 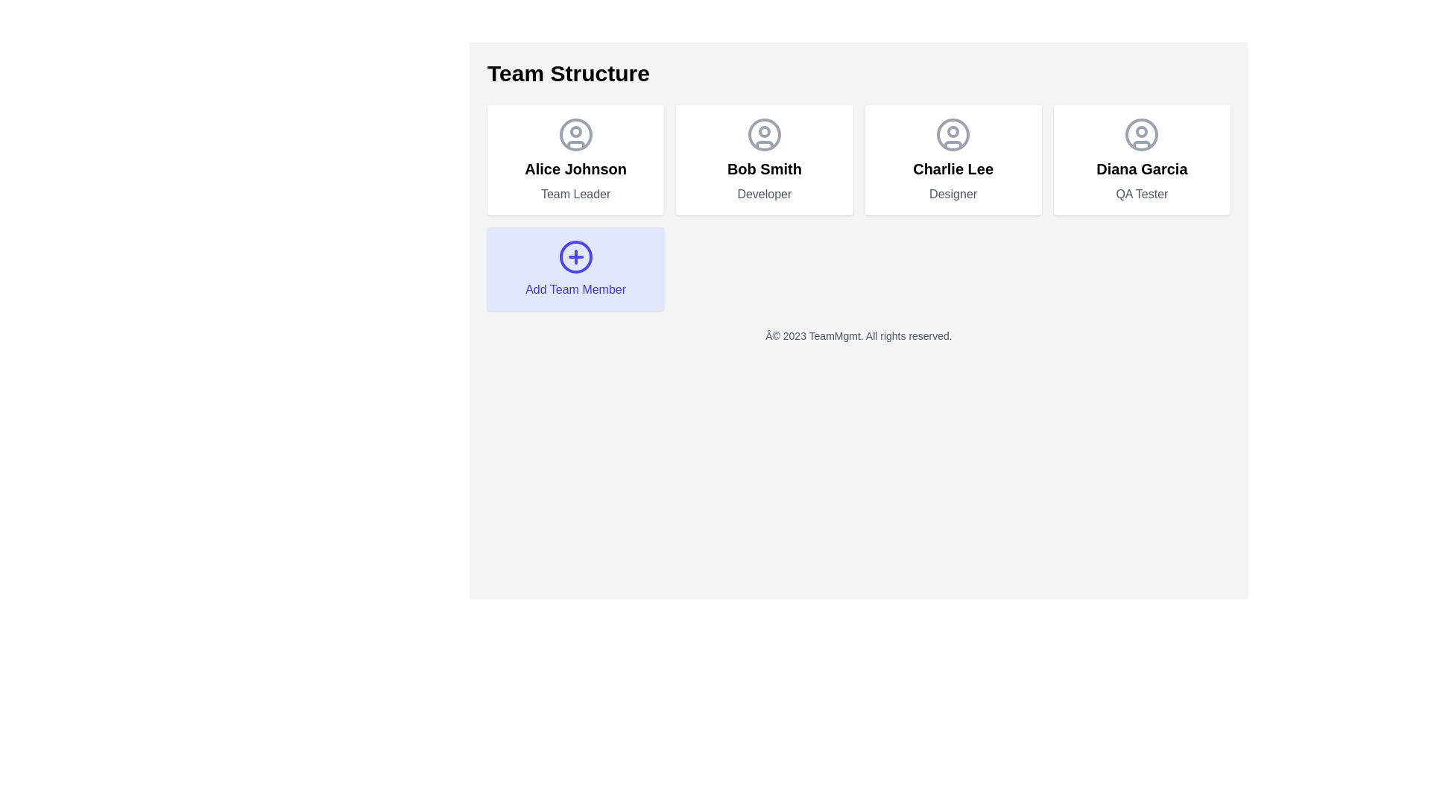 I want to click on the non-interactive text label that displays the job title or role of 'Alice Johnson', located at the bottom of her card layout, so click(x=575, y=194).